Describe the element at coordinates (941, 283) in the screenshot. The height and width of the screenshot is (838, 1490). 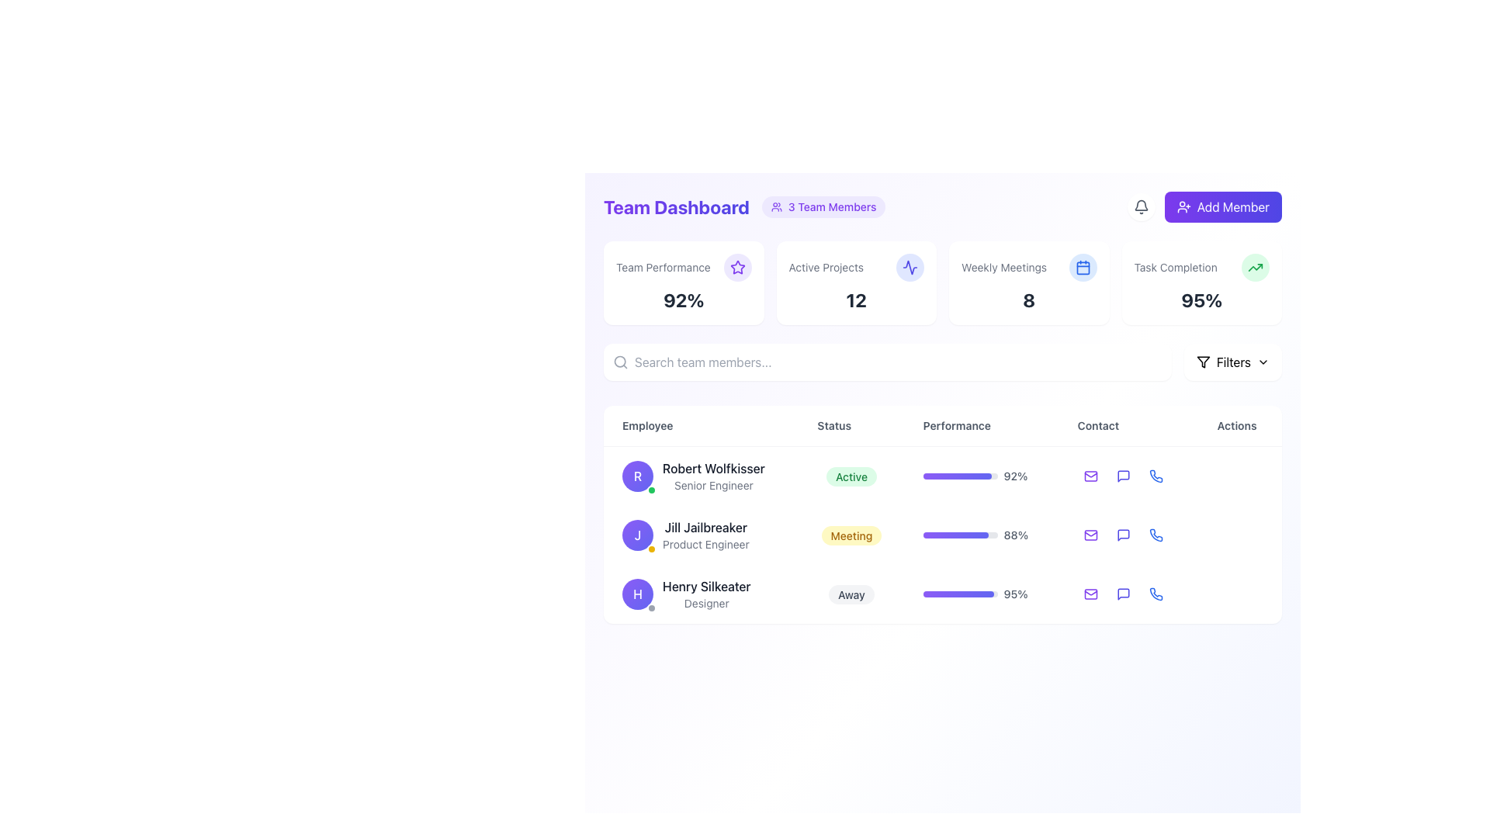
I see `the details of the third Informational card in the horizontally-aligned group on the Team Dashboard, which summarizes the weekly meetings metric` at that location.